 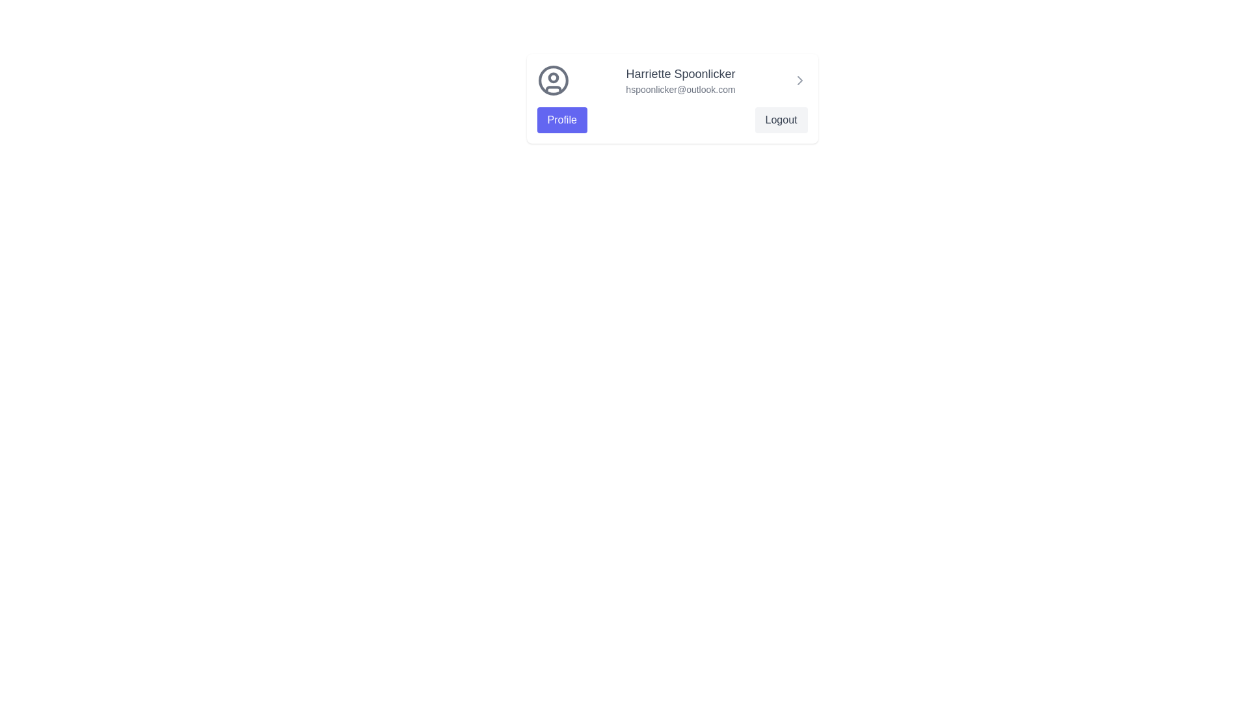 What do you see at coordinates (680, 74) in the screenshot?
I see `the Text Label displaying the name 'Harriette Spoonlicker', which is positioned at the top center of the user information card` at bounding box center [680, 74].